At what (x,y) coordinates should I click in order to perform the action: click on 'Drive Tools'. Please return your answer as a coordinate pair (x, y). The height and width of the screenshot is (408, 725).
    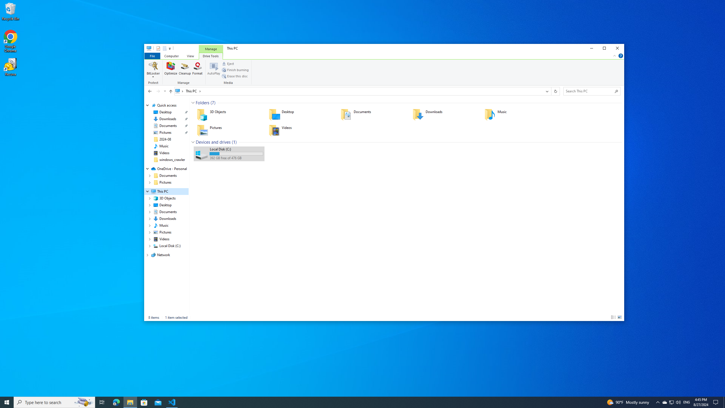
    Looking at the image, I should click on (210, 56).